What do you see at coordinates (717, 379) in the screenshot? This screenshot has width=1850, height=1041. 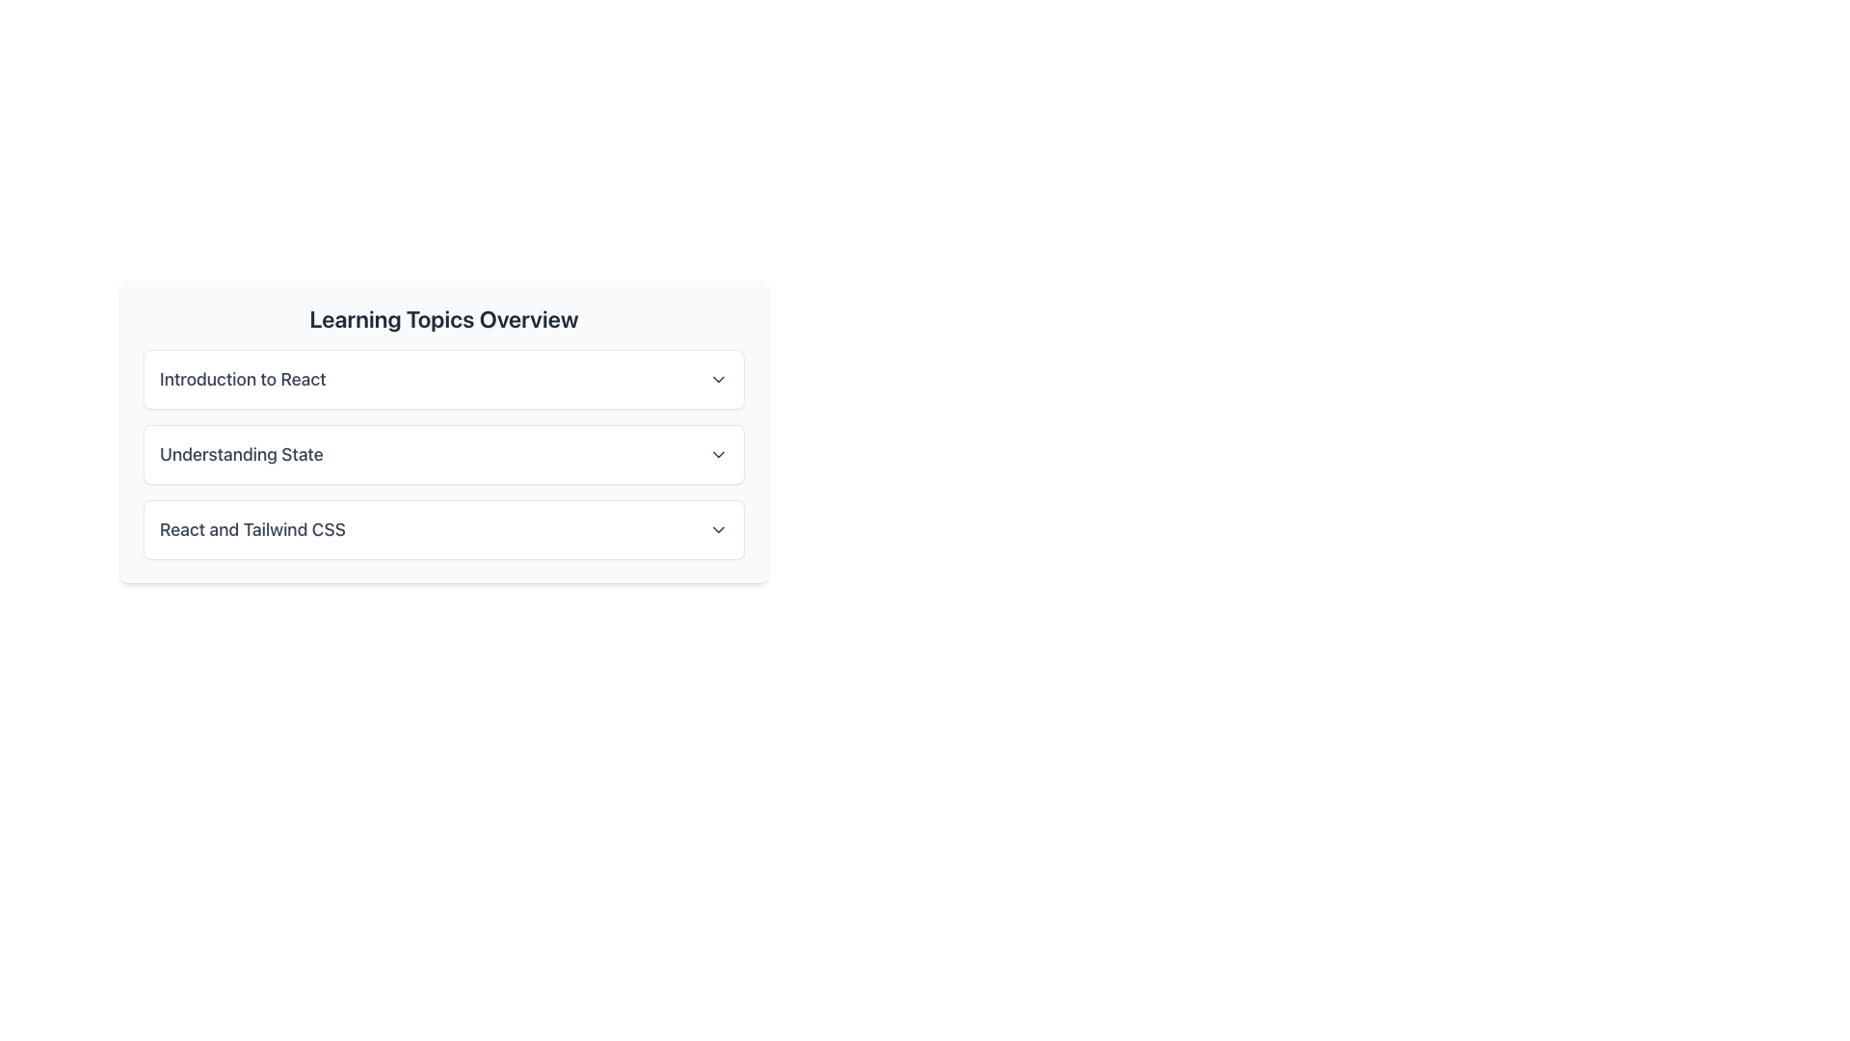 I see `the Dropdown Icon located at the far-right side of the row labeled 'Introduction to React'` at bounding box center [717, 379].